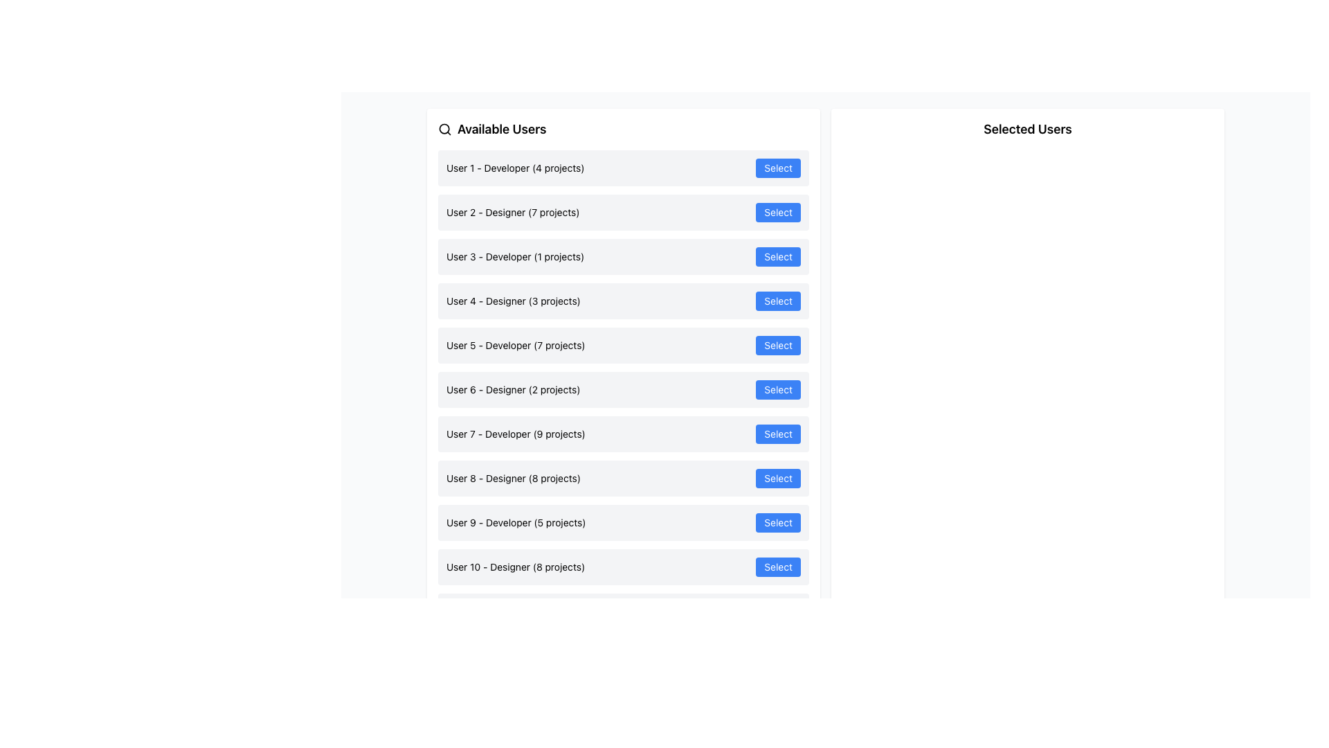 The image size is (1329, 748). I want to click on the static text element displaying 'User 7 - Developer (9 projects)' which is the seventh item under the header 'Available Users', so click(515, 434).